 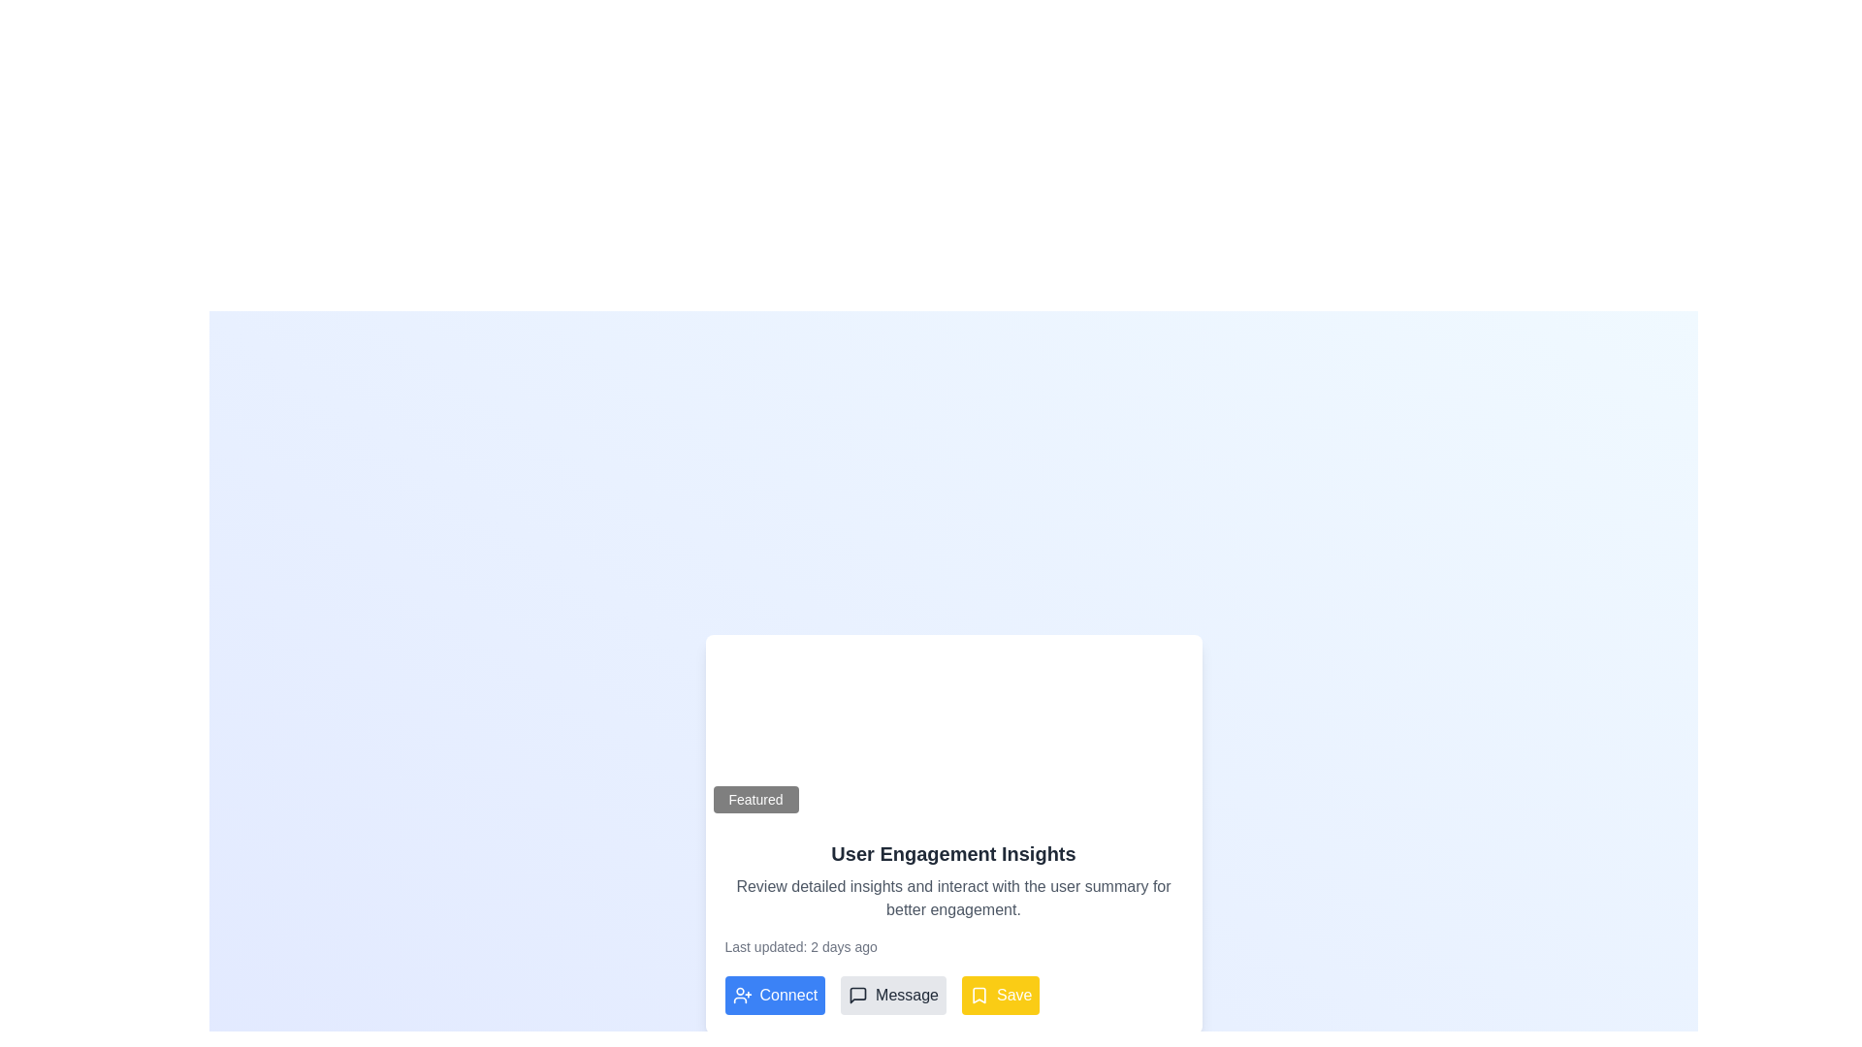 I want to click on the 'Message' button, which is a rectangular button with a gray background and rounded edges, located centrally at the bottom of a white card interface, positioned between the blue 'Connect' button and the yellow 'Save' button, so click(x=892, y=995).